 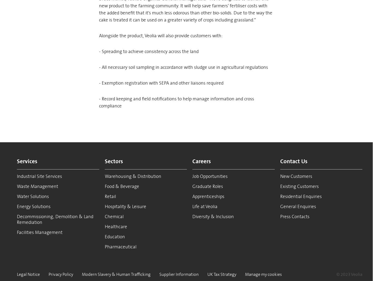 I want to click on 'Existing Customers', so click(x=299, y=186).